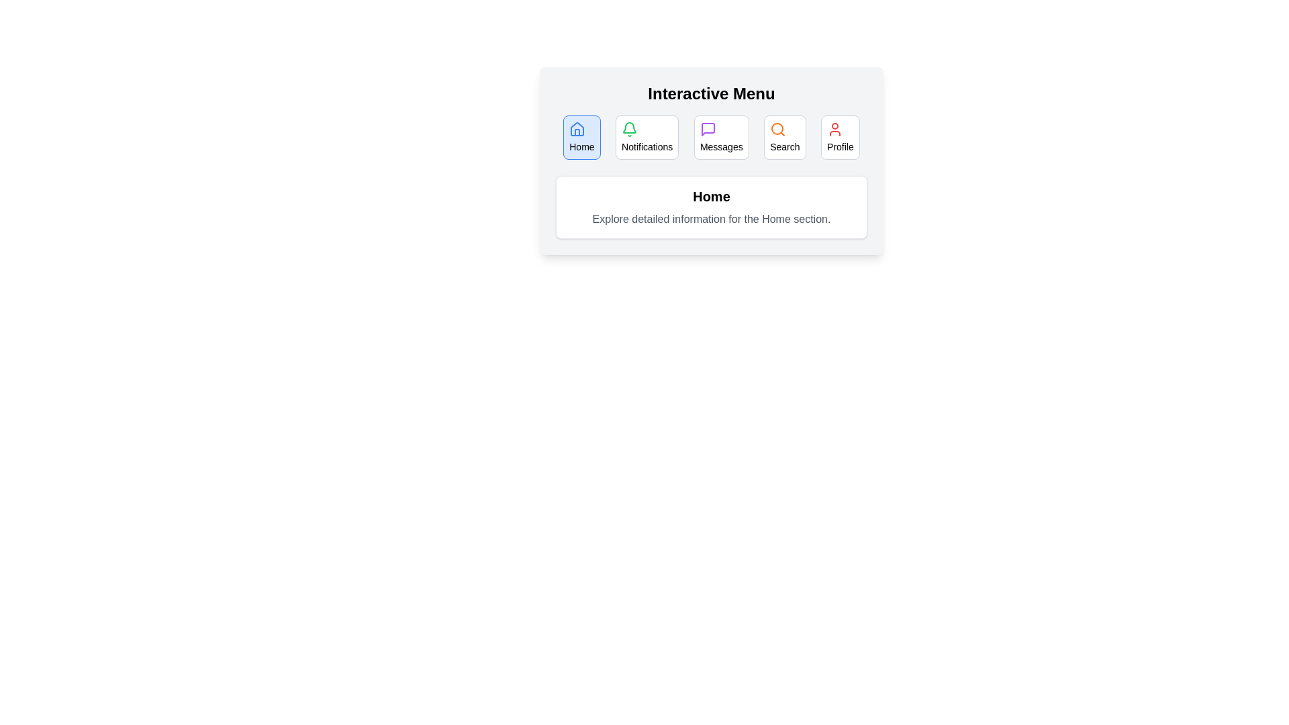 The width and height of the screenshot is (1289, 725). What do you see at coordinates (647, 137) in the screenshot?
I see `the 'Notifications' button in the horizontal menu` at bounding box center [647, 137].